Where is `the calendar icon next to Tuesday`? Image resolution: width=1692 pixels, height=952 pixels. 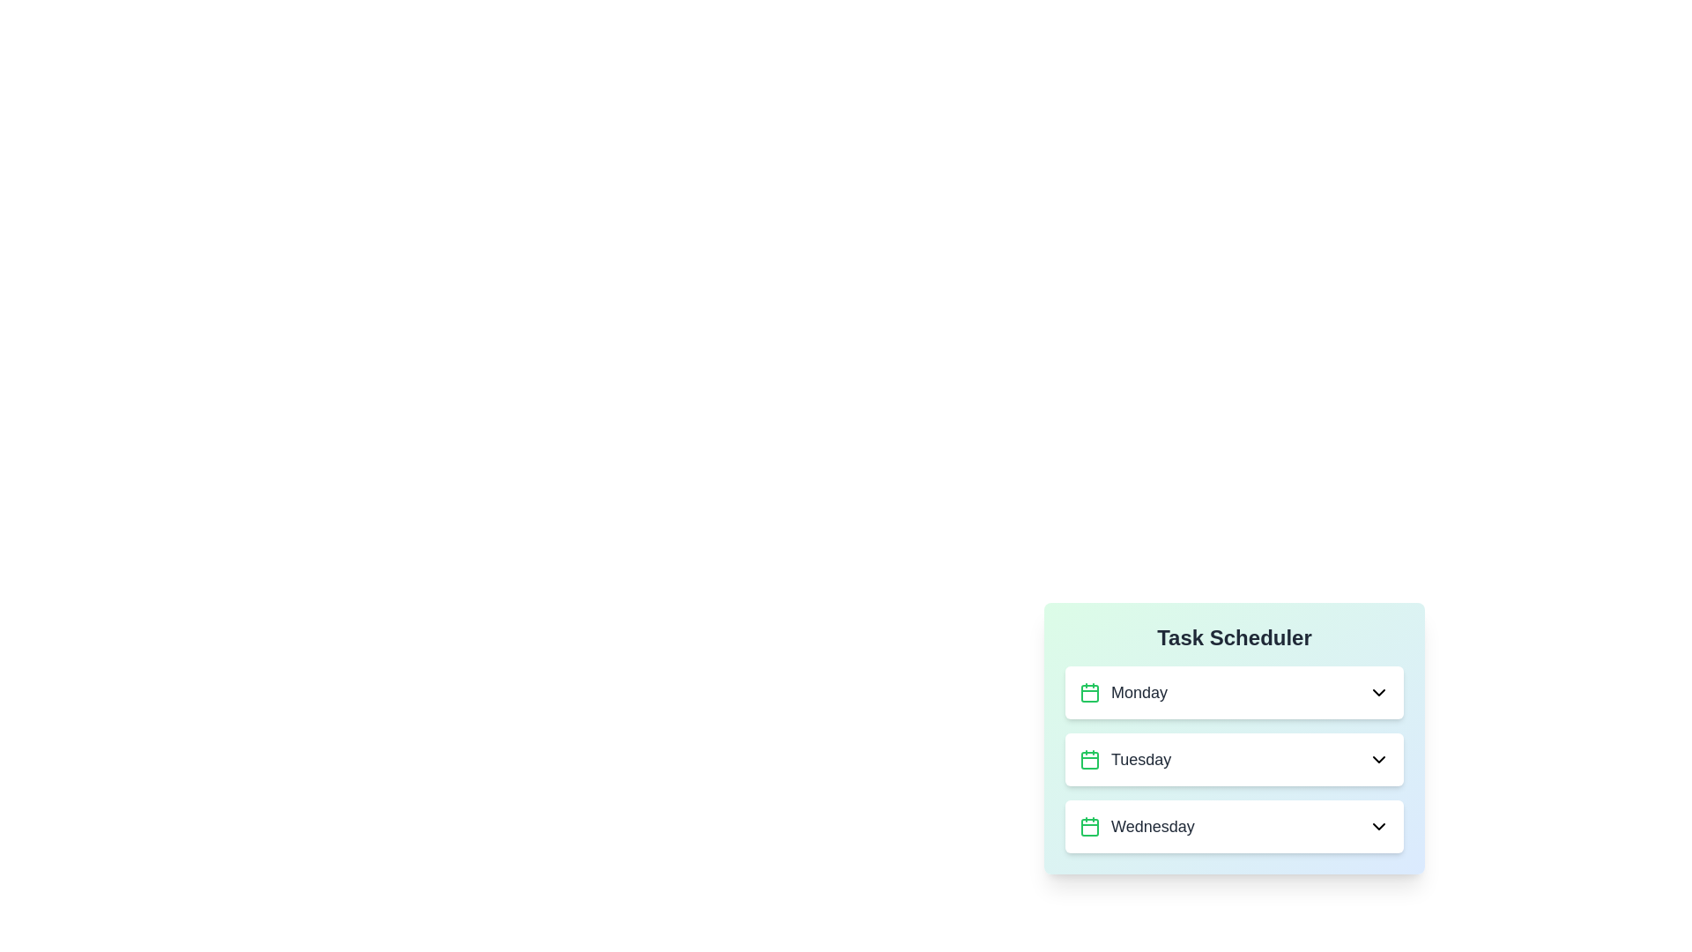
the calendar icon next to Tuesday is located at coordinates (1089, 758).